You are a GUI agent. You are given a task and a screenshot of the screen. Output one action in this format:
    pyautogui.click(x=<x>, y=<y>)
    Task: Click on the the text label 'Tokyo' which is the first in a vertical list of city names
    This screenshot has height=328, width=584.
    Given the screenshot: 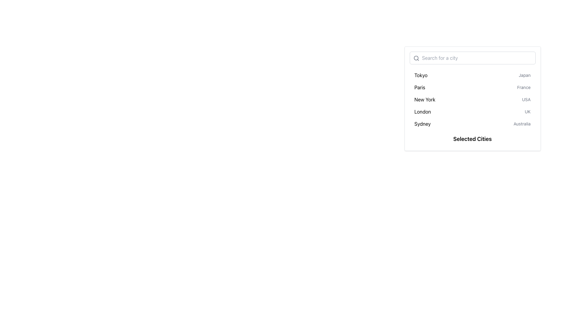 What is the action you would take?
    pyautogui.click(x=420, y=75)
    